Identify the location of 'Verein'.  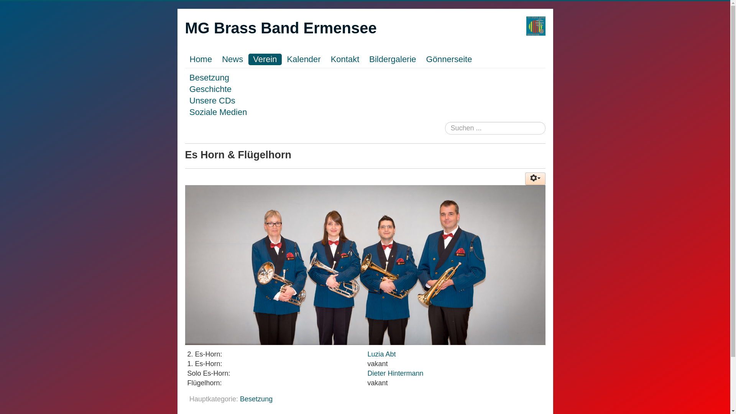
(265, 59).